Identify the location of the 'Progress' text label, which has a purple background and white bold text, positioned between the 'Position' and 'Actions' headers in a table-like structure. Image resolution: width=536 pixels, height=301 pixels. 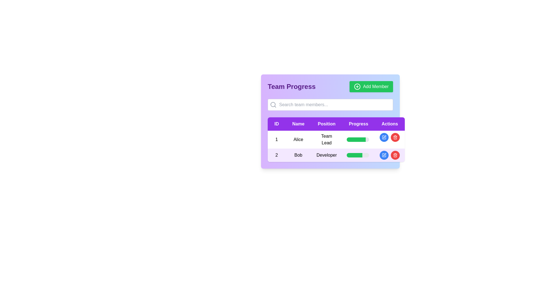
(358, 123).